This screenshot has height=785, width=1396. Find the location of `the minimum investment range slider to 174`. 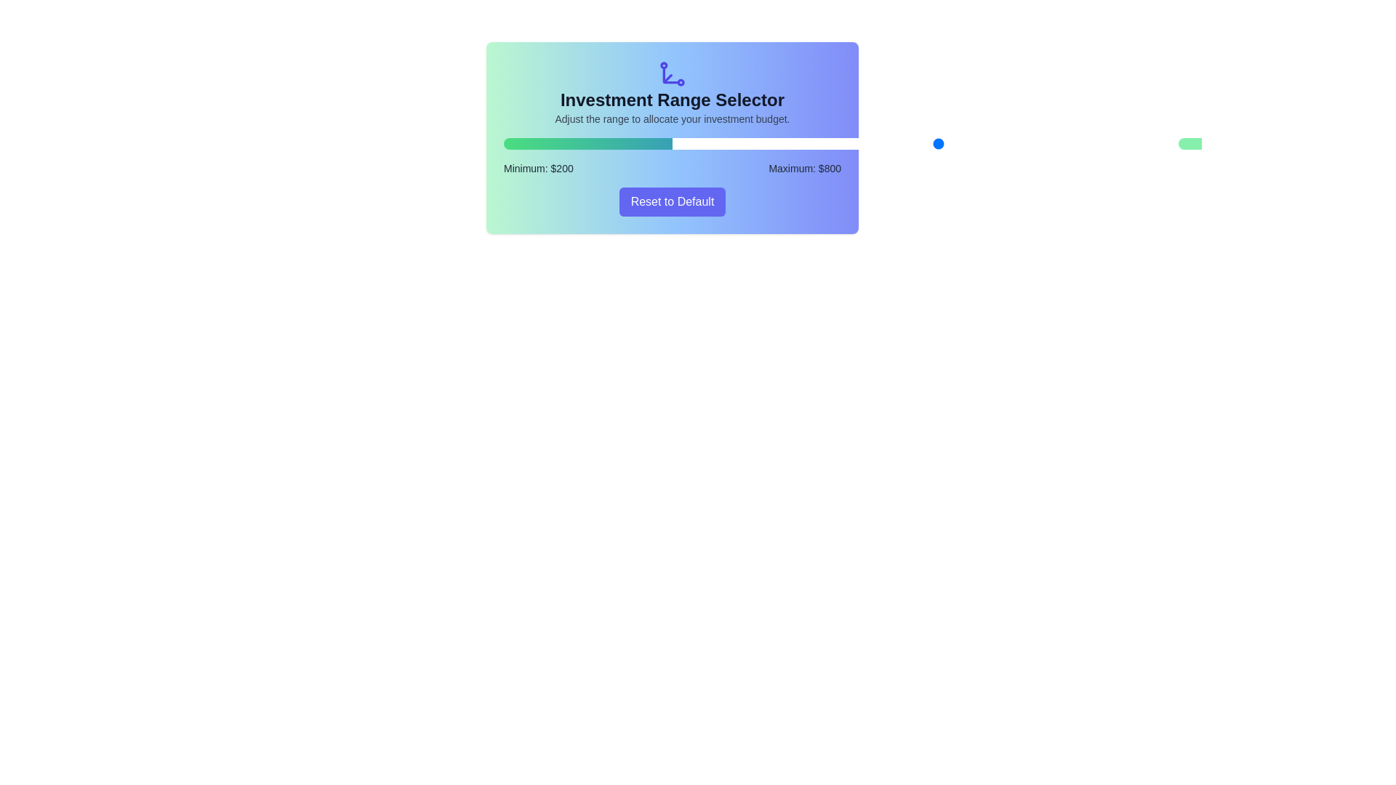

the minimum investment range slider to 174 is located at coordinates (731, 143).